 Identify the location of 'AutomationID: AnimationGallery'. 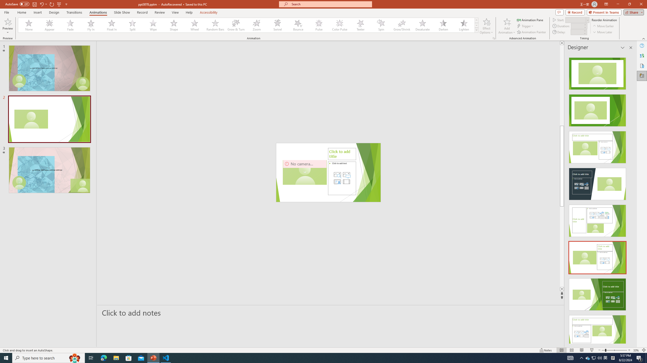
(248, 25).